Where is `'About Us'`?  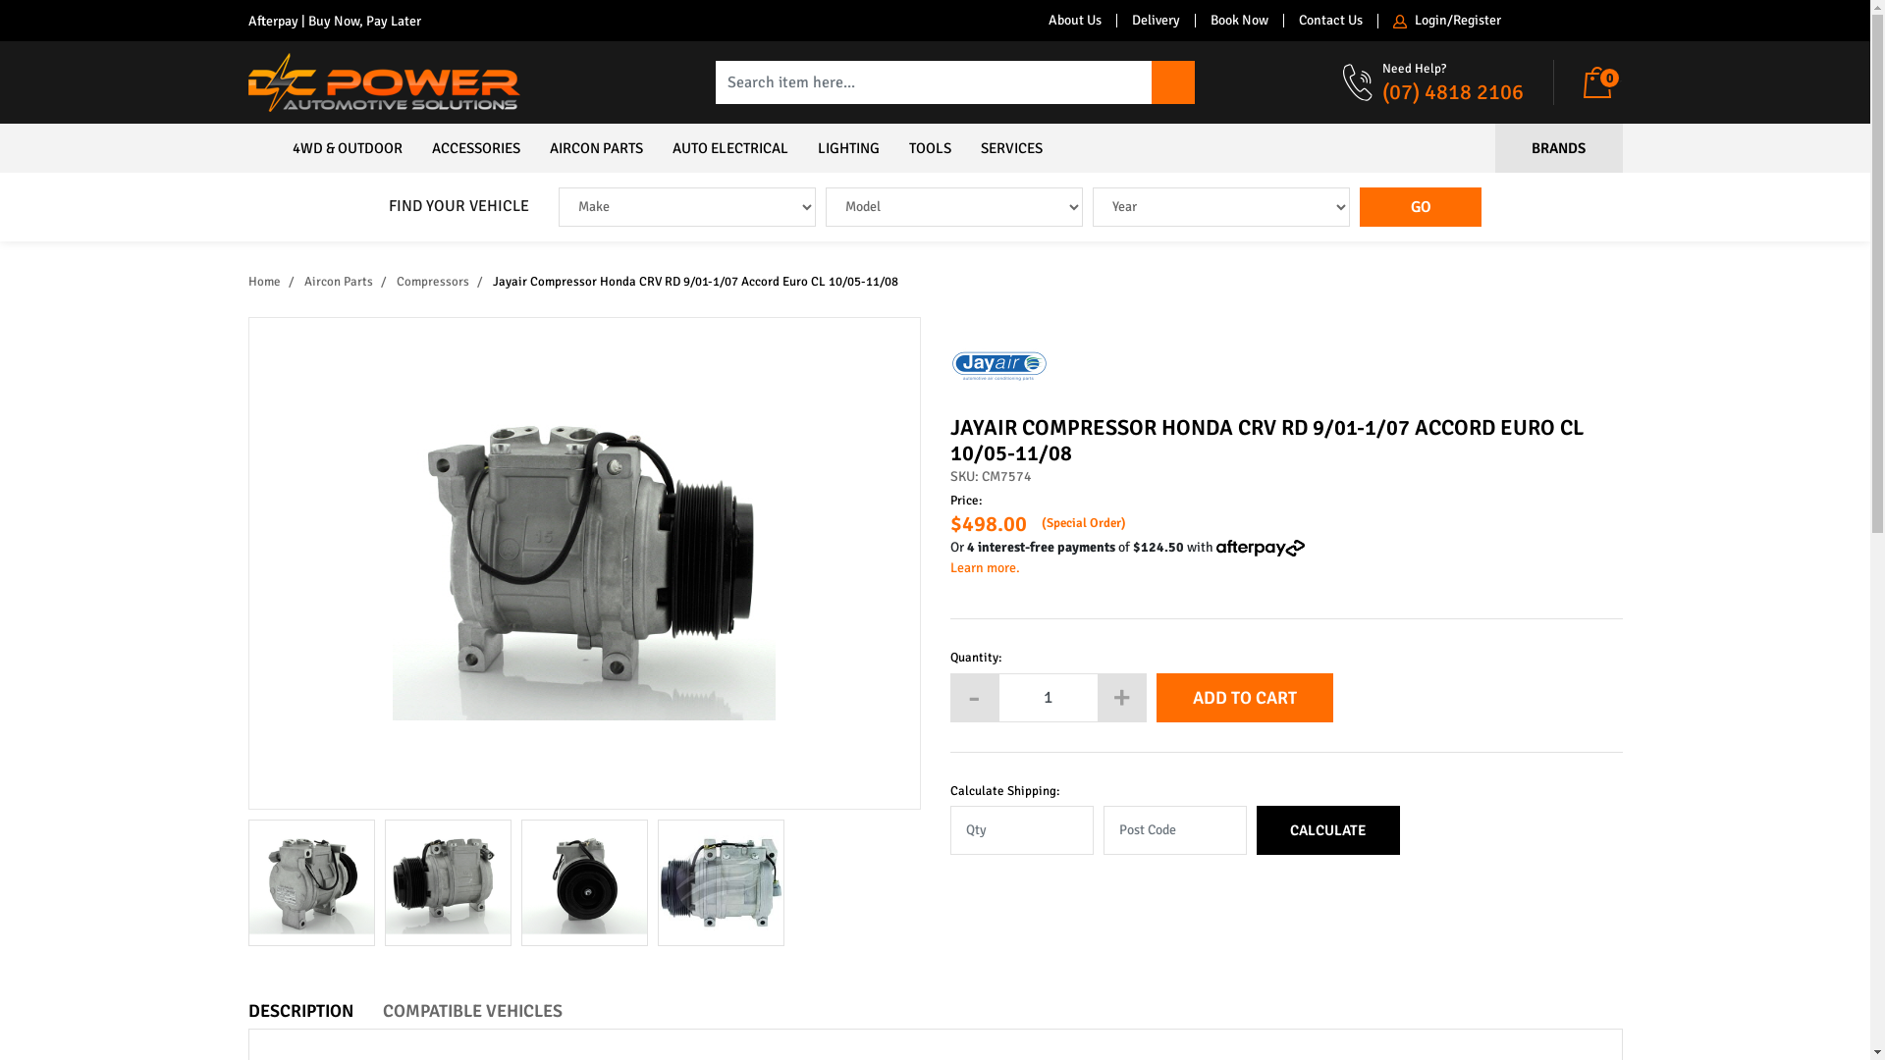 'About Us' is located at coordinates (1031, 20).